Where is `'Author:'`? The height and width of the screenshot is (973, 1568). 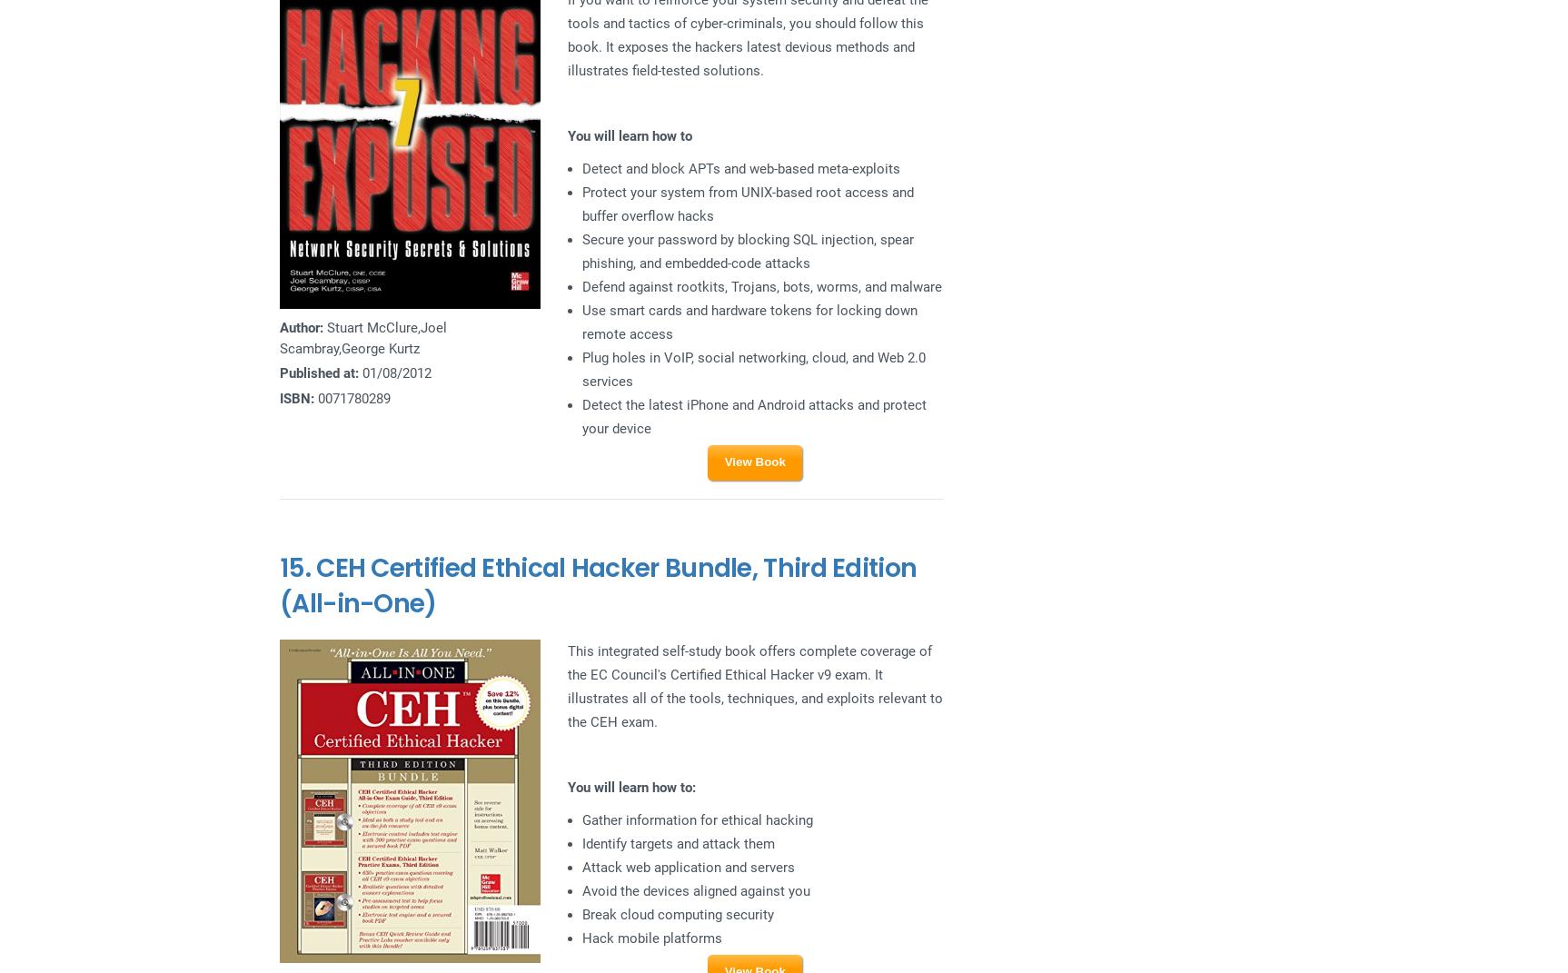 'Author:' is located at coordinates (278, 327).